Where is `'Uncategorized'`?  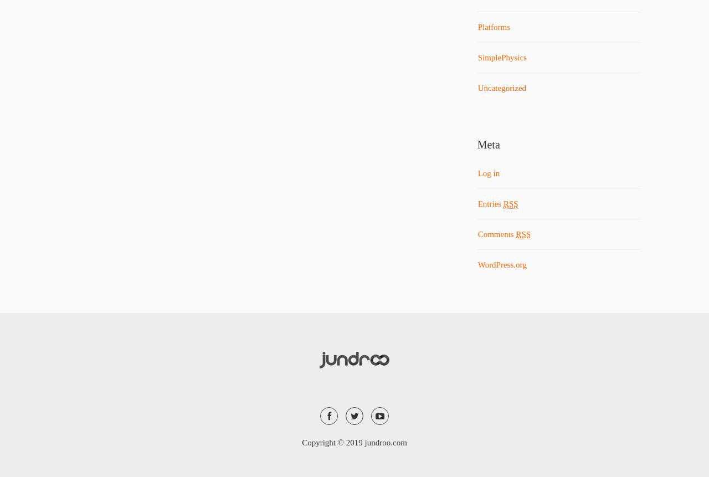
'Uncategorized' is located at coordinates (501, 88).